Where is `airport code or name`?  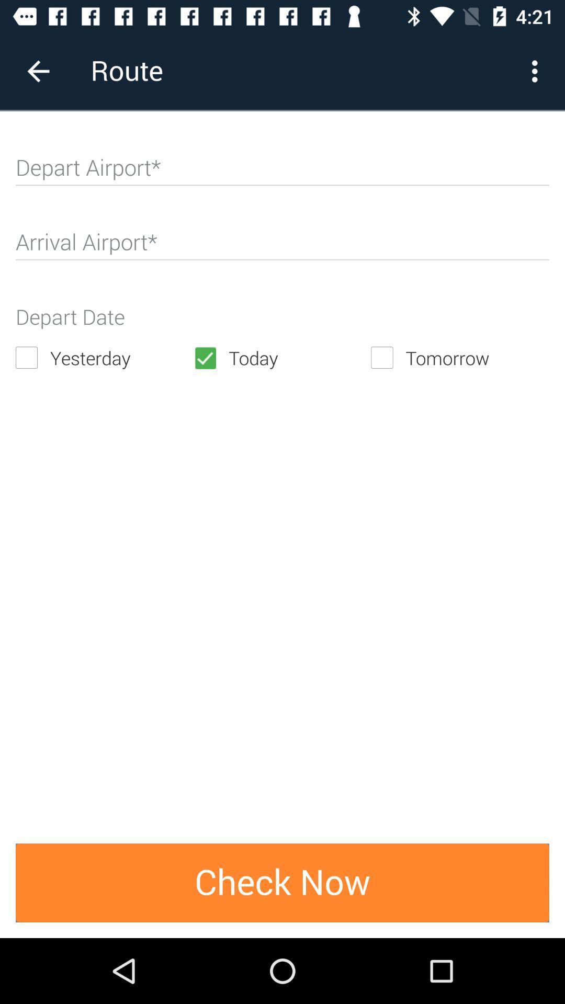
airport code or name is located at coordinates (282, 172).